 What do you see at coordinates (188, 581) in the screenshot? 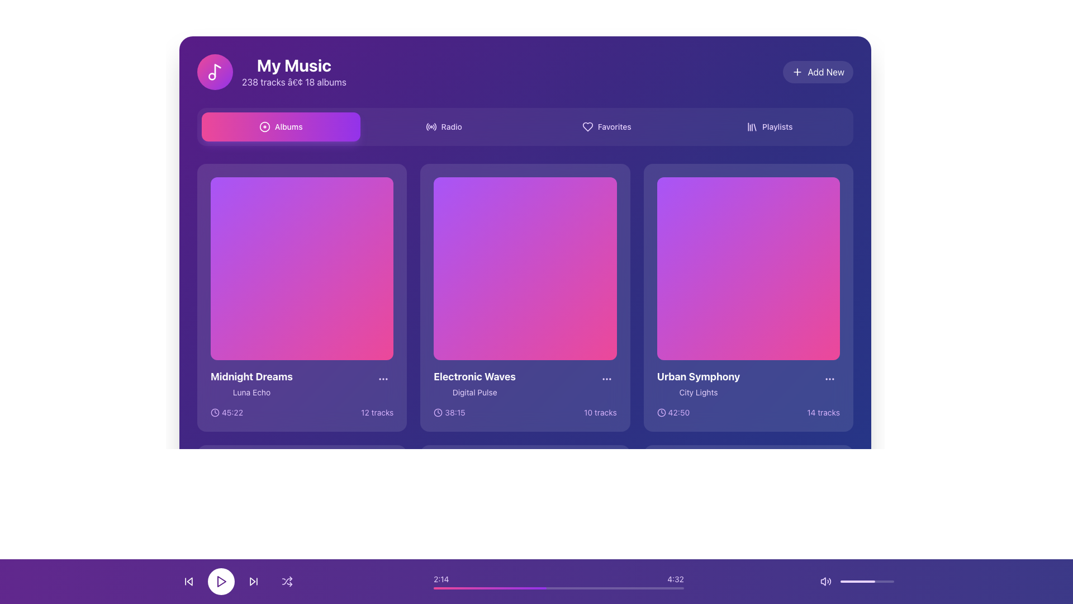
I see `the previous track button, which is an icon-based control located at the bottom-left corner of the music player's control panel` at bounding box center [188, 581].